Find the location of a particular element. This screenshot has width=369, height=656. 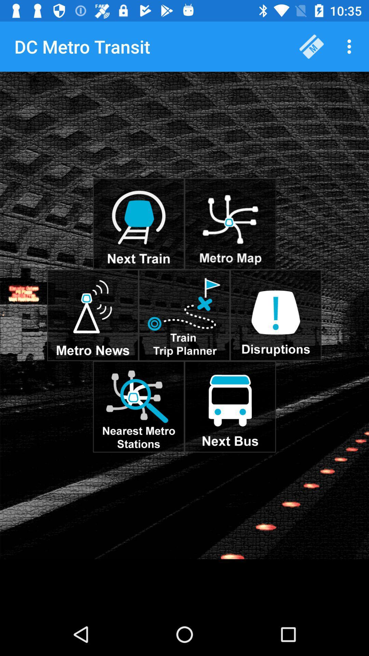

the item below dc metro transit item is located at coordinates (19, 91).